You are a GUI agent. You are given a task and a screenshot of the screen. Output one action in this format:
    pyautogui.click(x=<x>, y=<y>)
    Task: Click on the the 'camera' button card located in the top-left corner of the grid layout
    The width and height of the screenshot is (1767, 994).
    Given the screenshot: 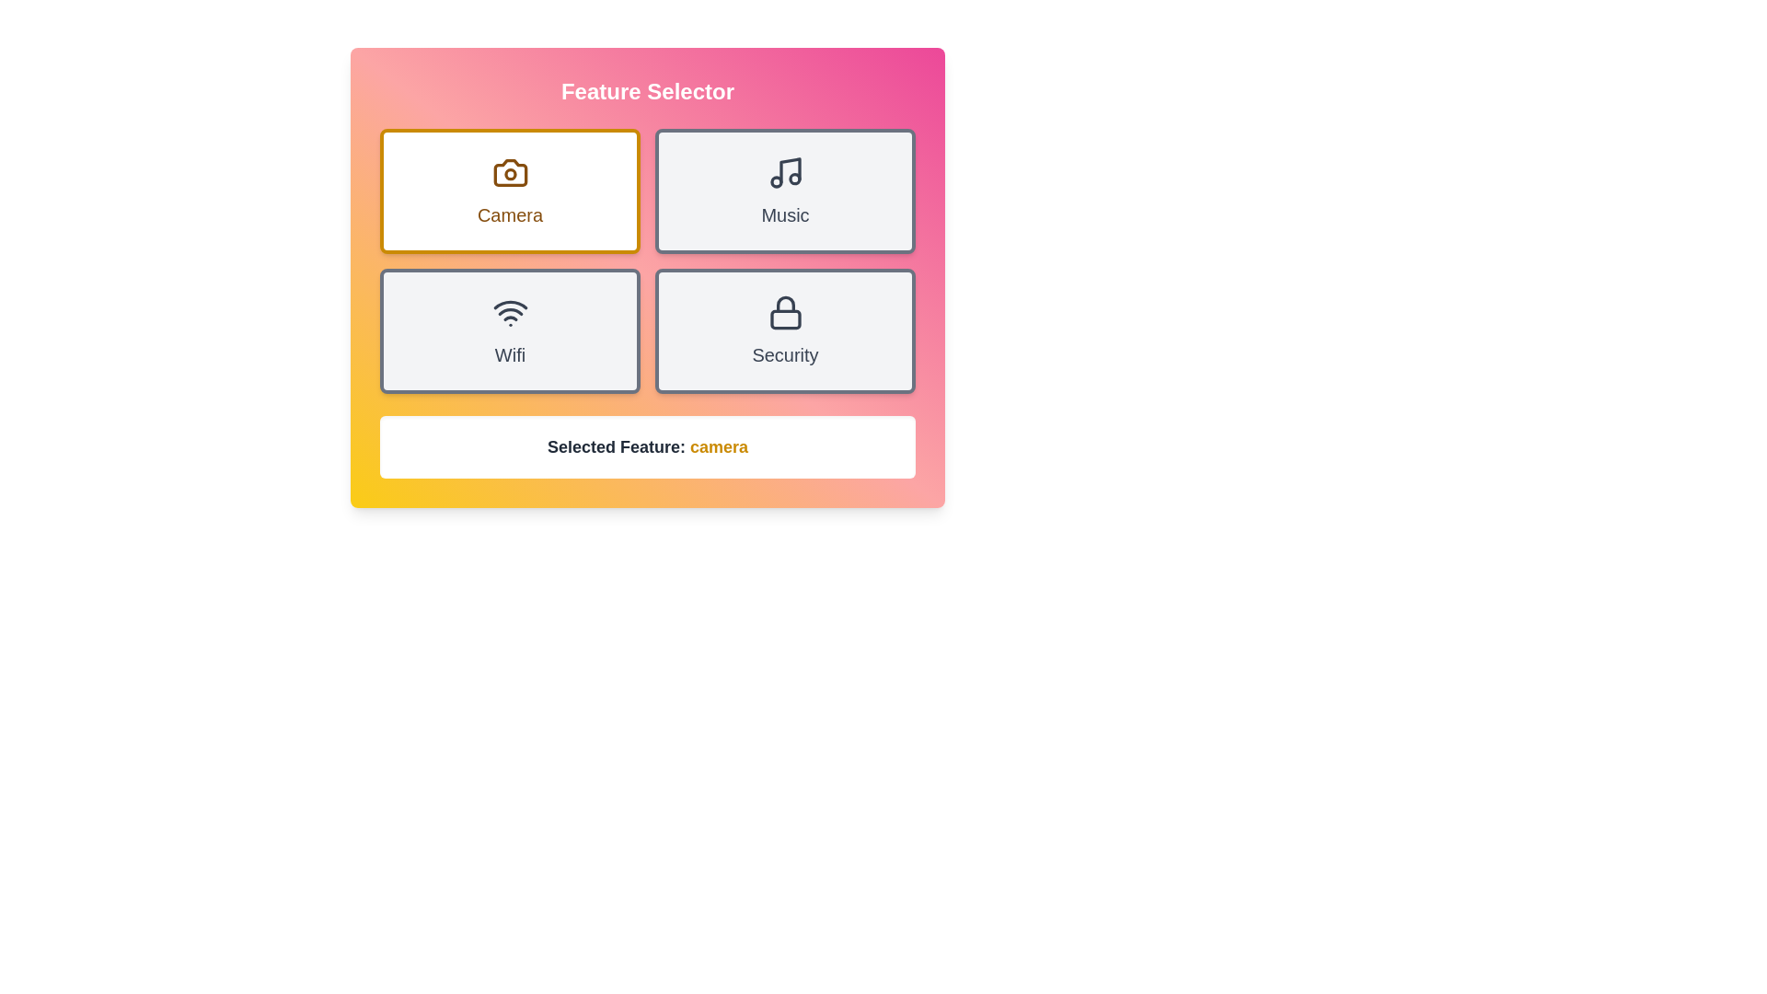 What is the action you would take?
    pyautogui.click(x=510, y=191)
    